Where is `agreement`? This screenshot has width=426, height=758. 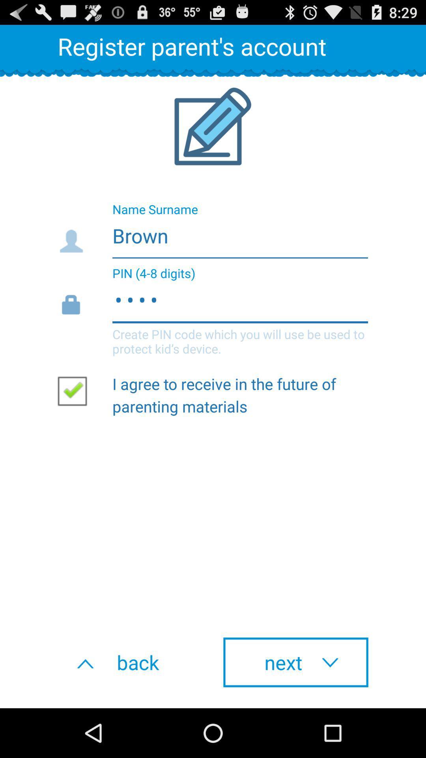 agreement is located at coordinates (75, 390).